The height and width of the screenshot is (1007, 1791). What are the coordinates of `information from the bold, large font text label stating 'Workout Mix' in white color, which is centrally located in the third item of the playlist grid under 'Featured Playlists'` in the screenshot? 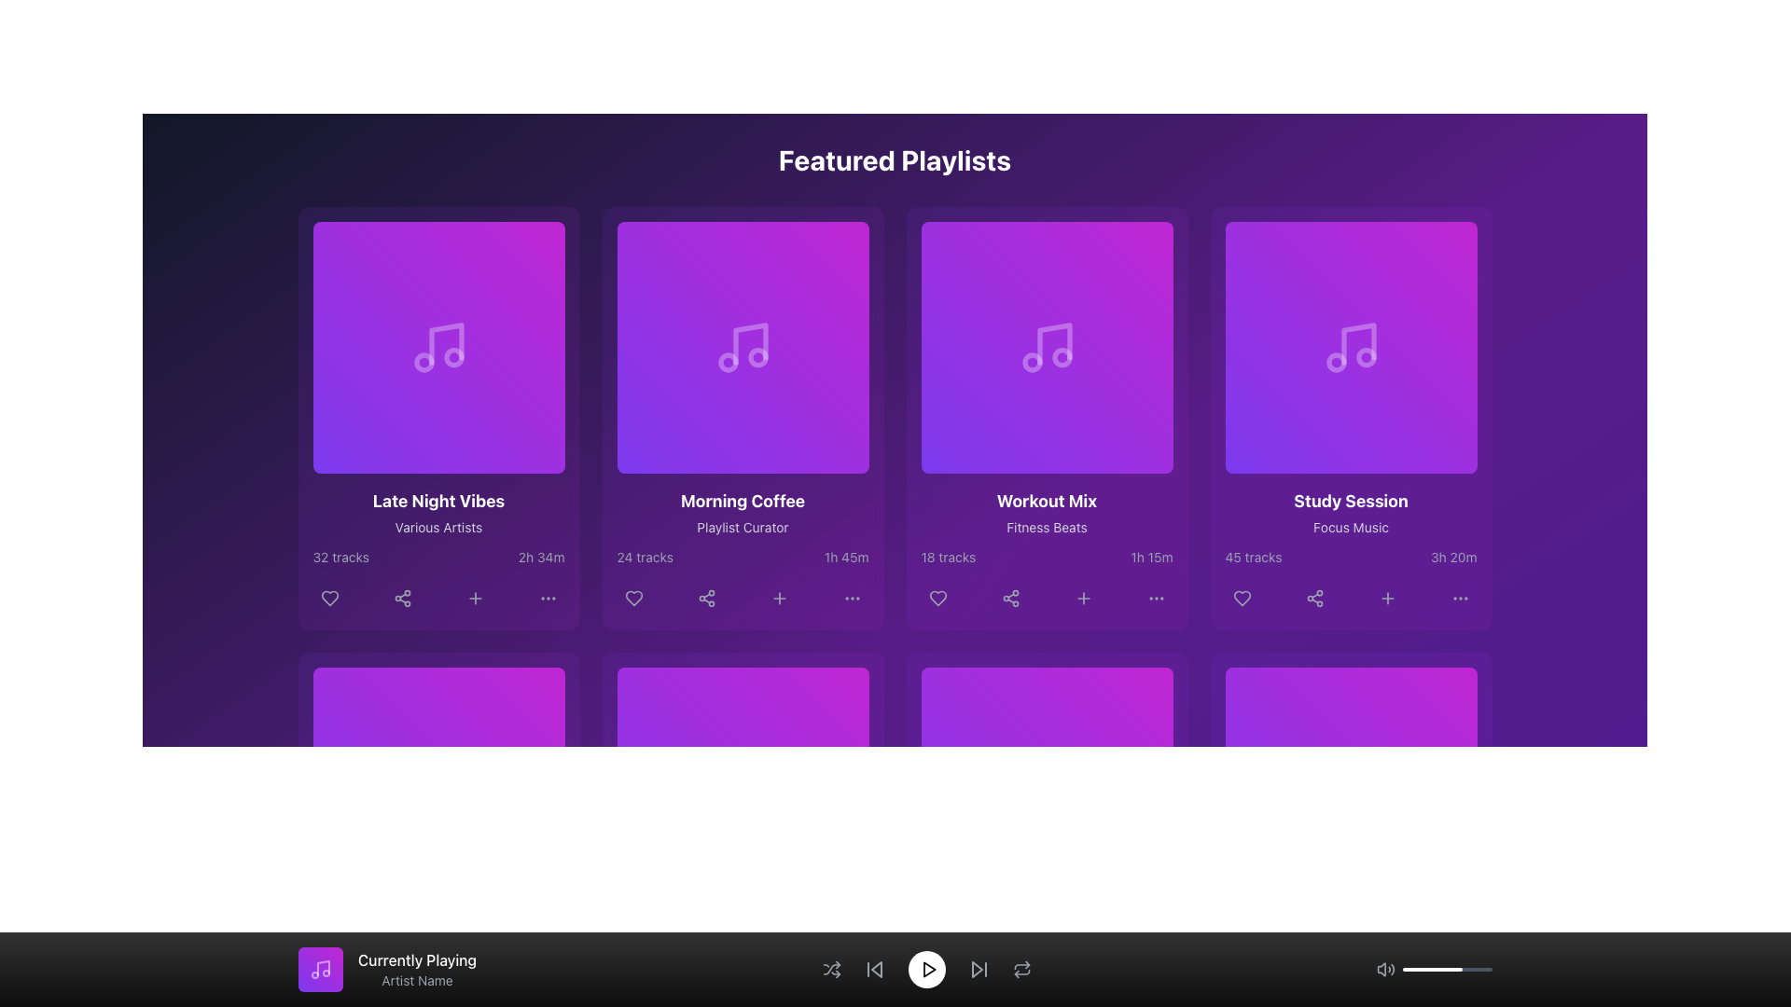 It's located at (1047, 500).